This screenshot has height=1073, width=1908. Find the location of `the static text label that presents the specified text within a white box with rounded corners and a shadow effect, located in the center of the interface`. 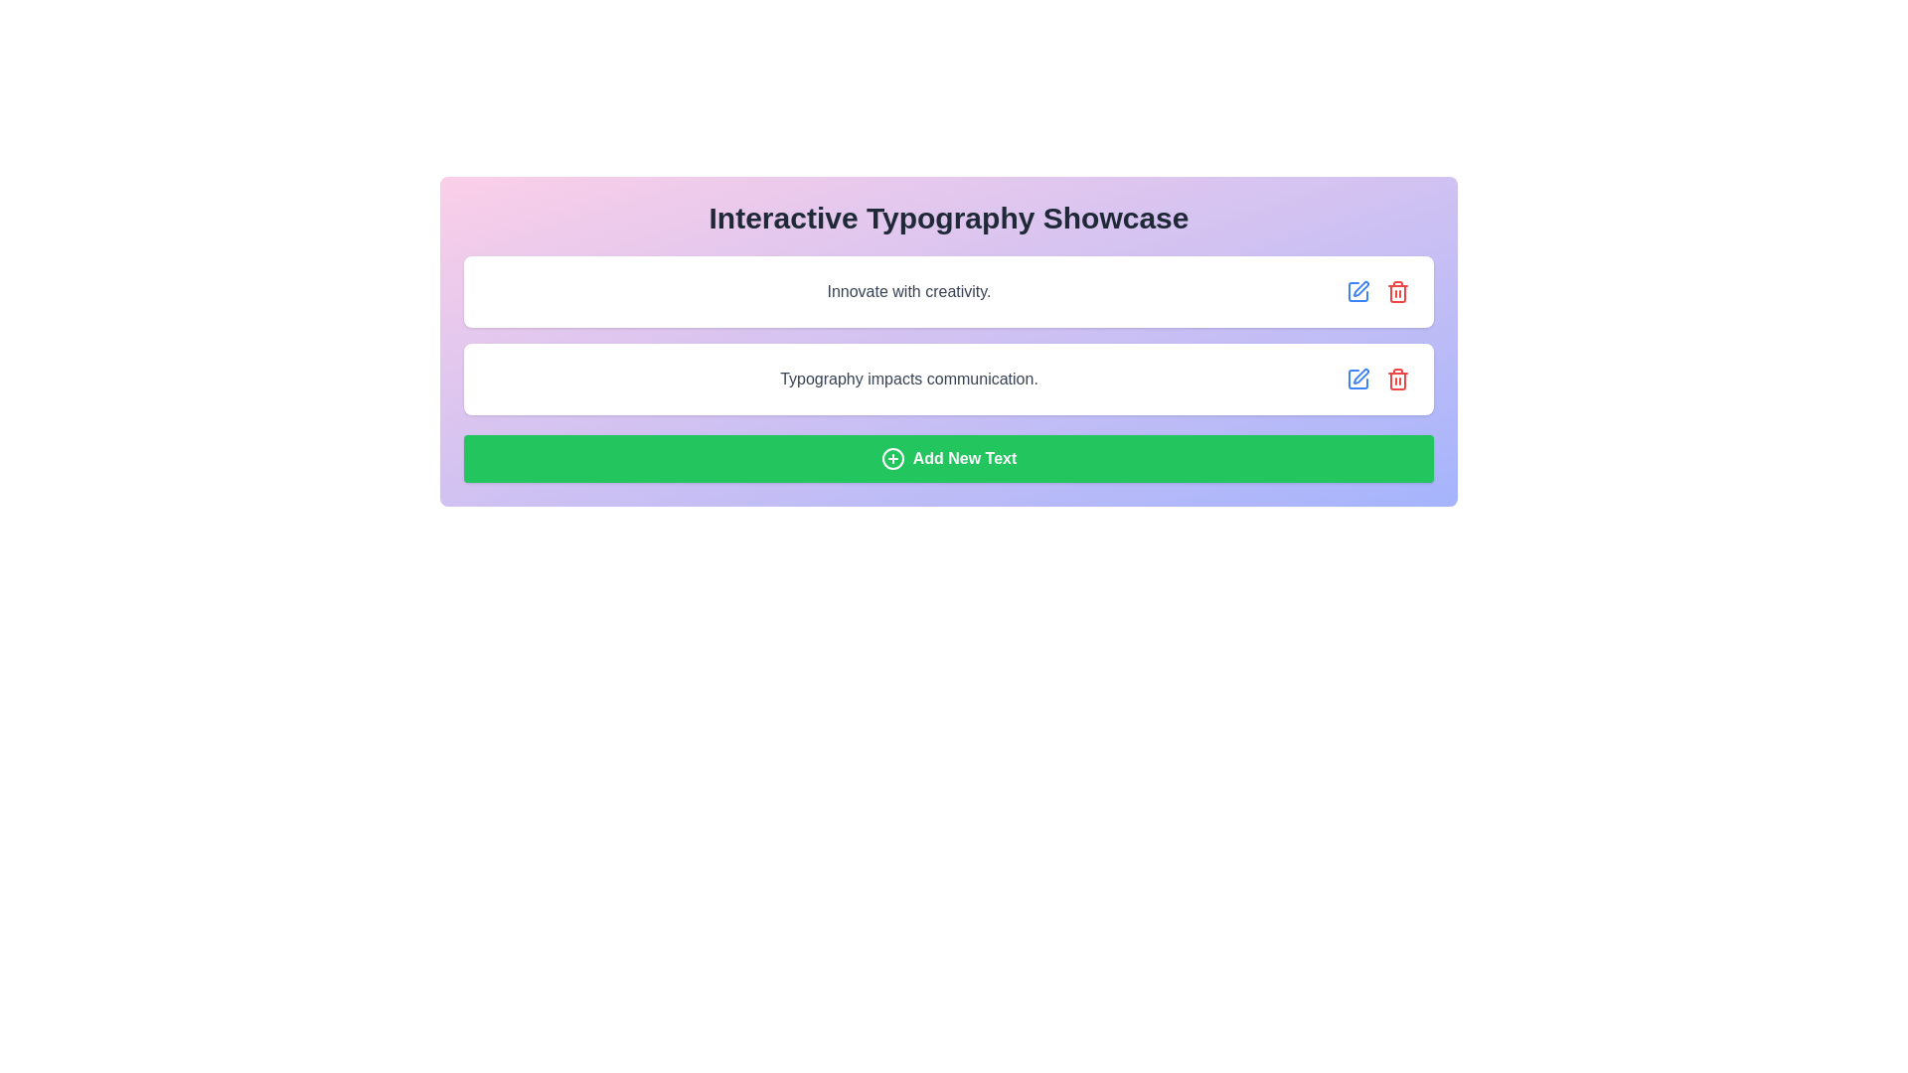

the static text label that presents the specified text within a white box with rounded corners and a shadow effect, located in the center of the interface is located at coordinates (908, 379).